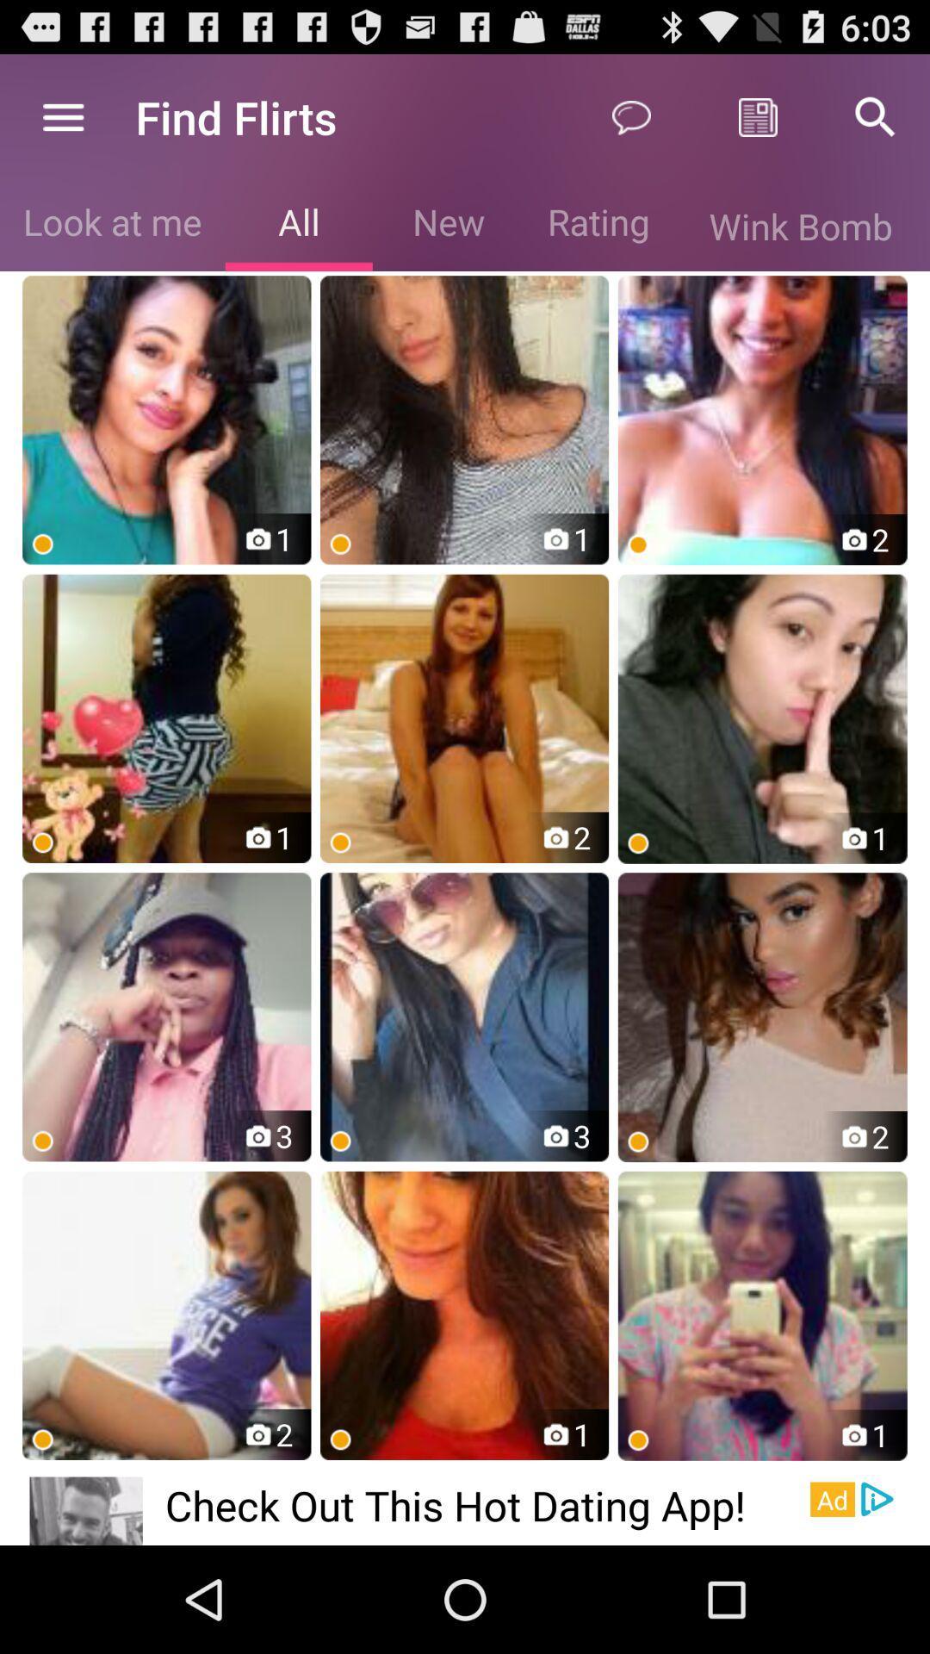  What do you see at coordinates (598, 225) in the screenshot?
I see `the rating item` at bounding box center [598, 225].